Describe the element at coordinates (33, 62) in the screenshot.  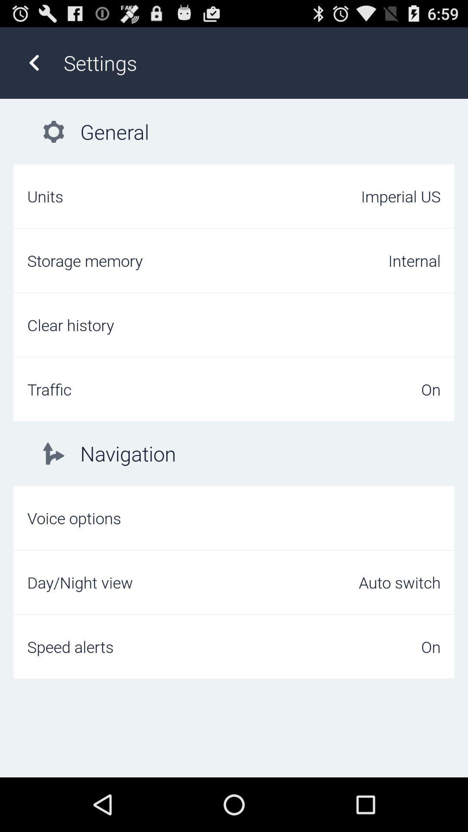
I see `the icon next to settings icon` at that location.